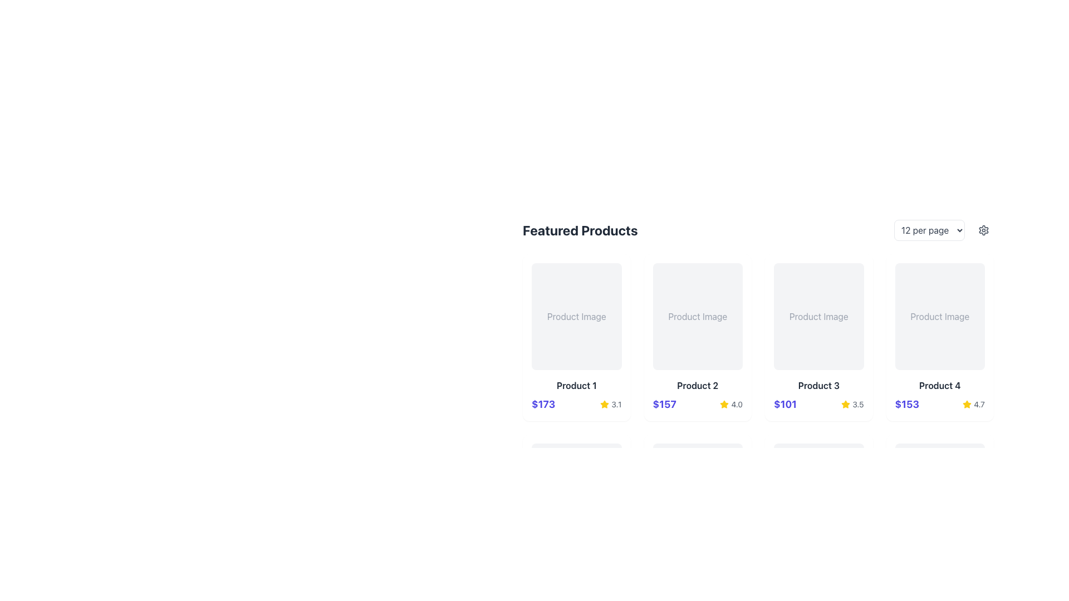  What do you see at coordinates (610, 404) in the screenshot?
I see `the rating display element, which features a yellow star icon and a numerical rating of '3.1', located in the first product card adjacent to the price tag '$173'` at bounding box center [610, 404].